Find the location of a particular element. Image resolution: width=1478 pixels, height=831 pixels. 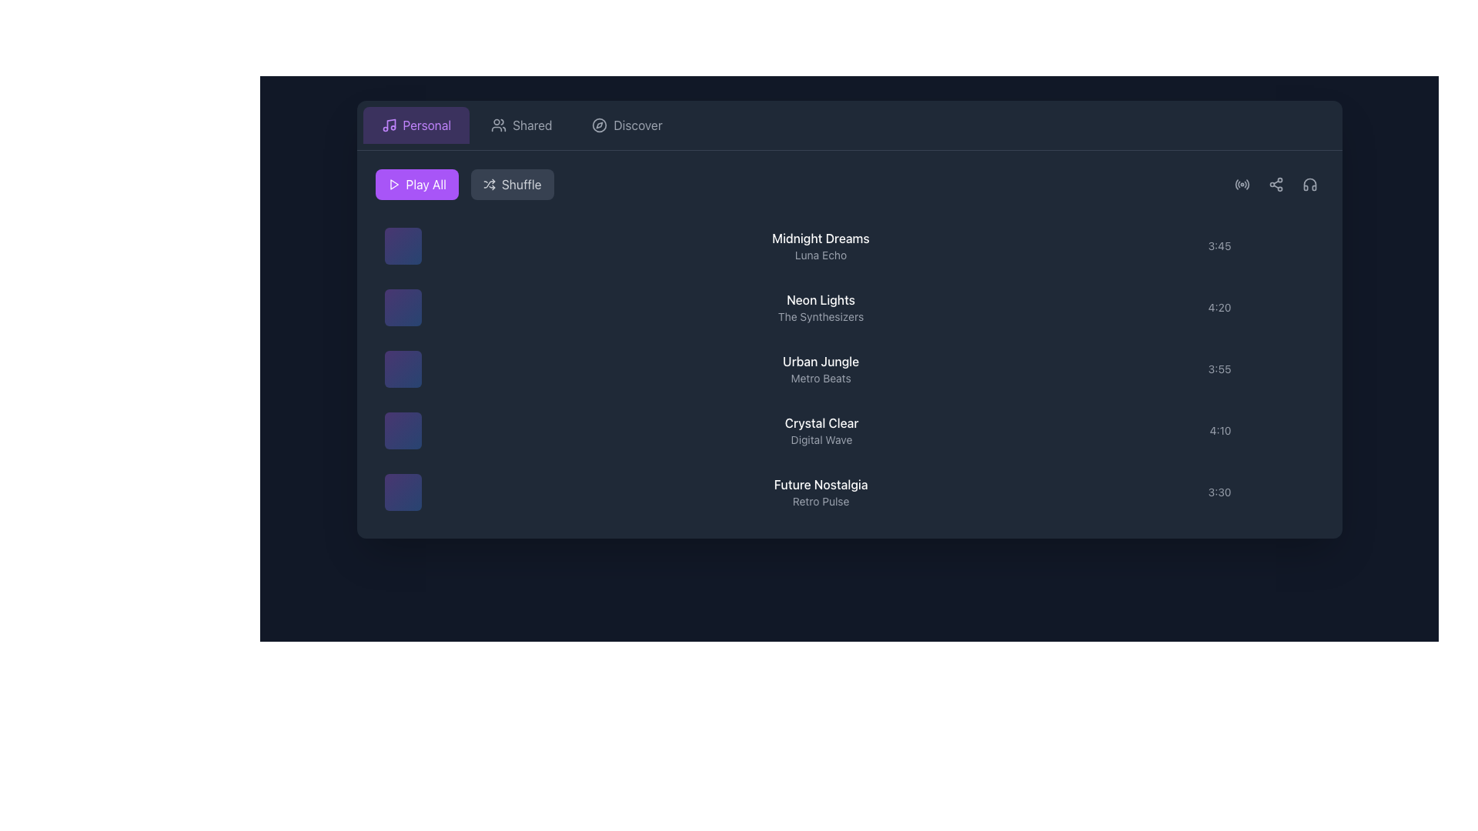

the first list item in the music track selection area is located at coordinates (848, 245).